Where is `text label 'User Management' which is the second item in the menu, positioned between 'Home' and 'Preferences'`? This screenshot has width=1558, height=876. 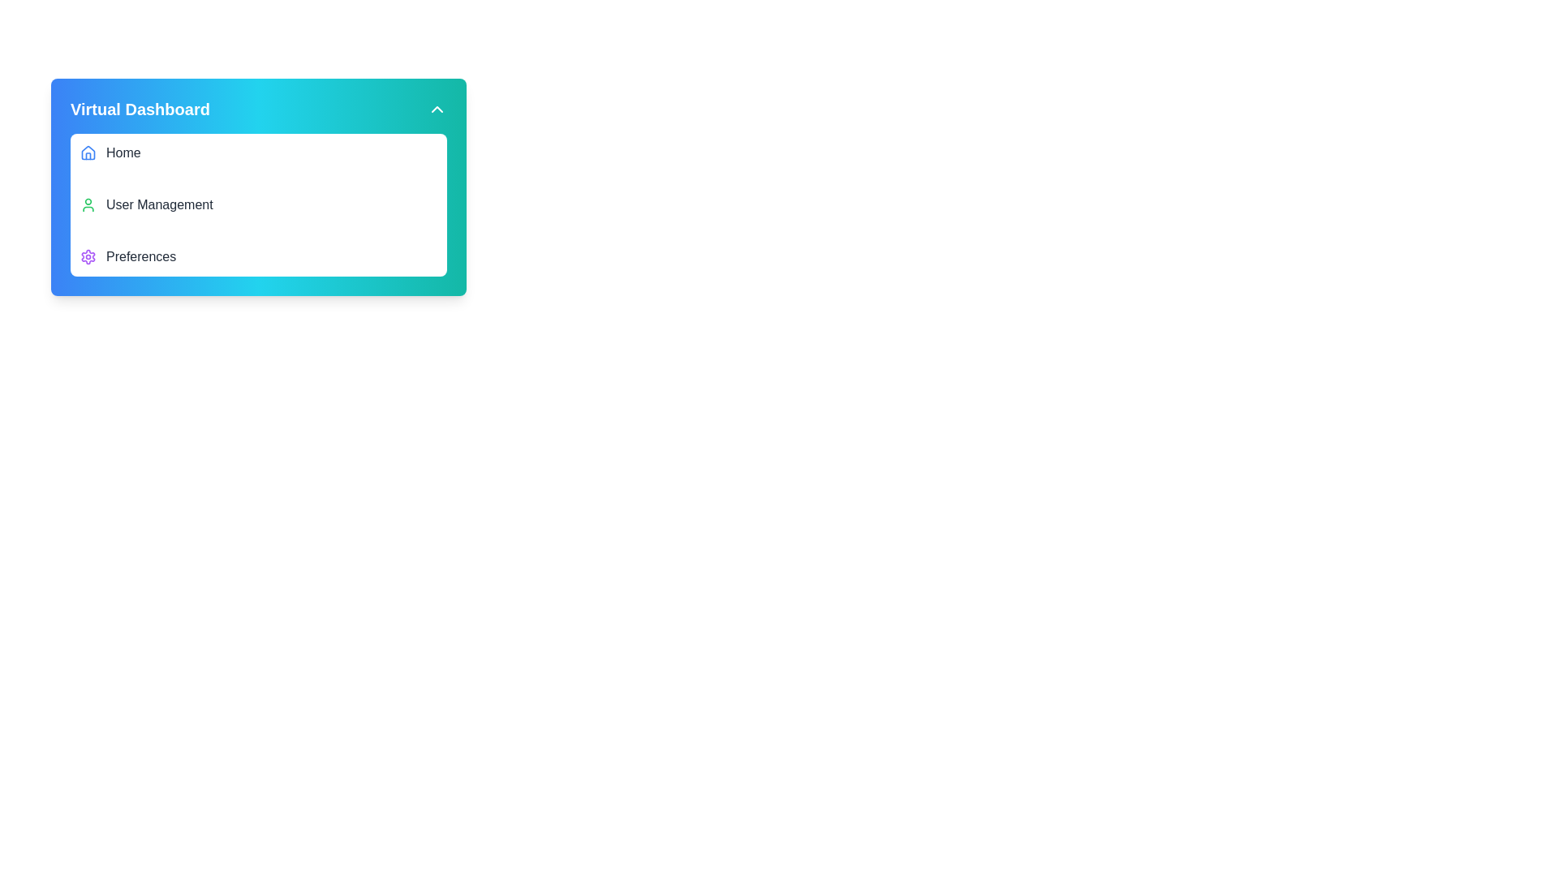
text label 'User Management' which is the second item in the menu, positioned between 'Home' and 'Preferences' is located at coordinates (159, 204).